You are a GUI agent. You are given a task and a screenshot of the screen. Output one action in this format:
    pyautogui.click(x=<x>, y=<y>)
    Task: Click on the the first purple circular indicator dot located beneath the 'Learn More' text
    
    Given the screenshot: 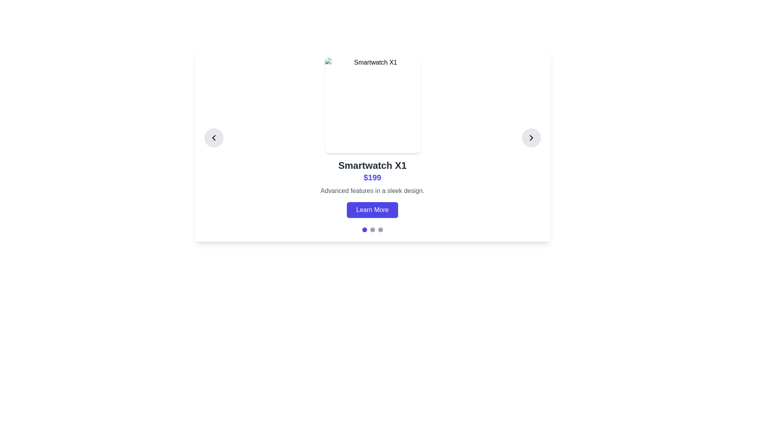 What is the action you would take?
    pyautogui.click(x=364, y=229)
    